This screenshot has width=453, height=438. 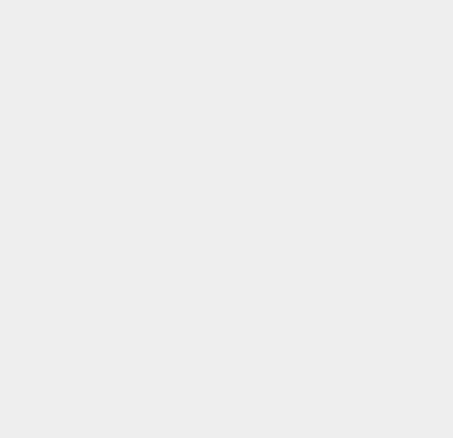 What do you see at coordinates (331, 267) in the screenshot?
I see `'iPhone 4'` at bounding box center [331, 267].